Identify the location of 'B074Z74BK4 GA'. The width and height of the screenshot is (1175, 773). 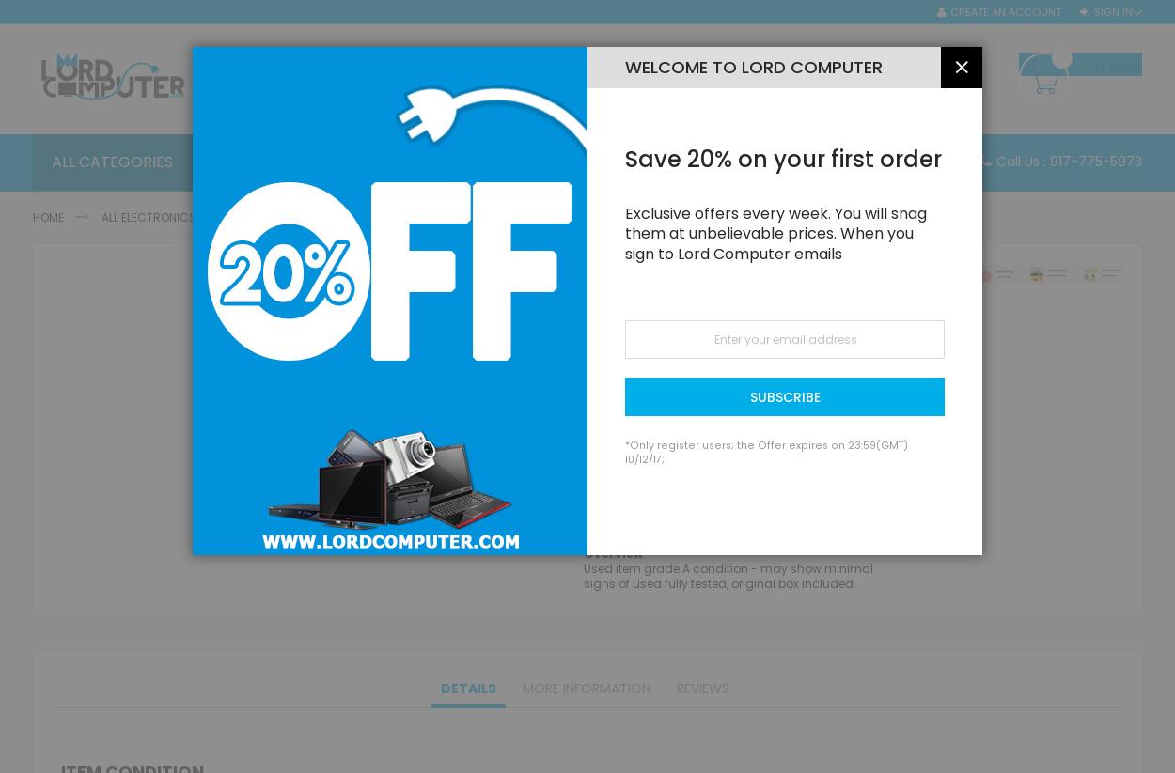
(701, 349).